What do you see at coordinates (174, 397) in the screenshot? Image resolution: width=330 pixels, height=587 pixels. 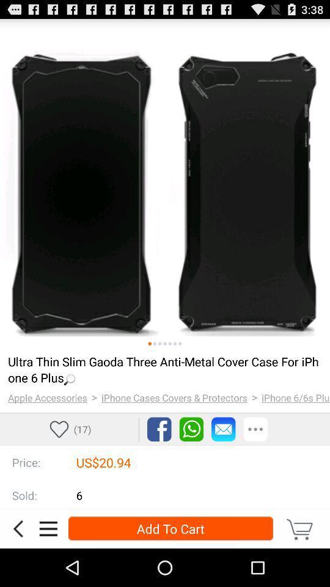 I see `item to the right of the >` at bounding box center [174, 397].